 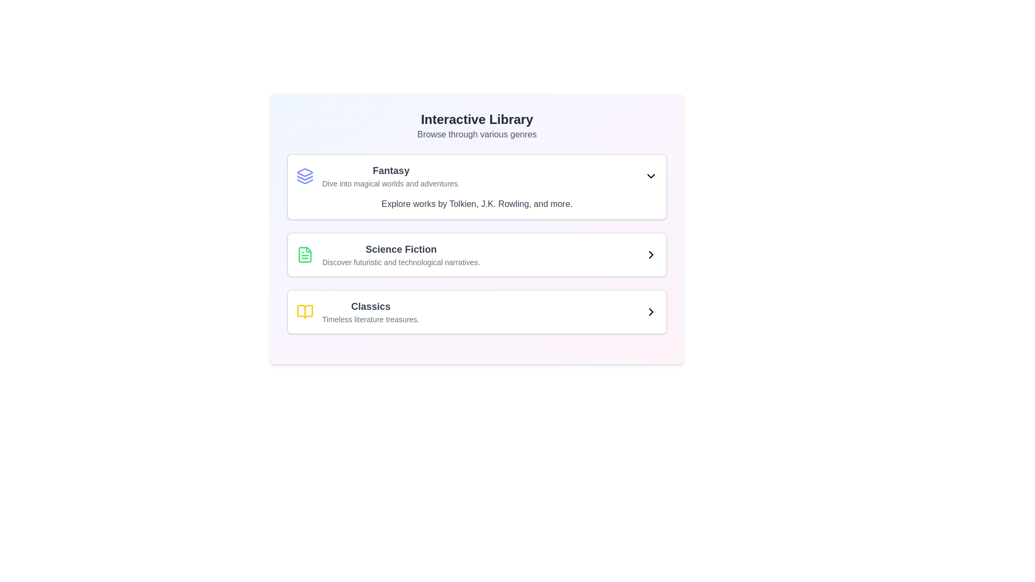 I want to click on the yellow open book icon located in the 'Classics' section of the 'Interactive Library' menu, positioned to the left of the 'Timeless literature treasures' text, so click(x=305, y=311).